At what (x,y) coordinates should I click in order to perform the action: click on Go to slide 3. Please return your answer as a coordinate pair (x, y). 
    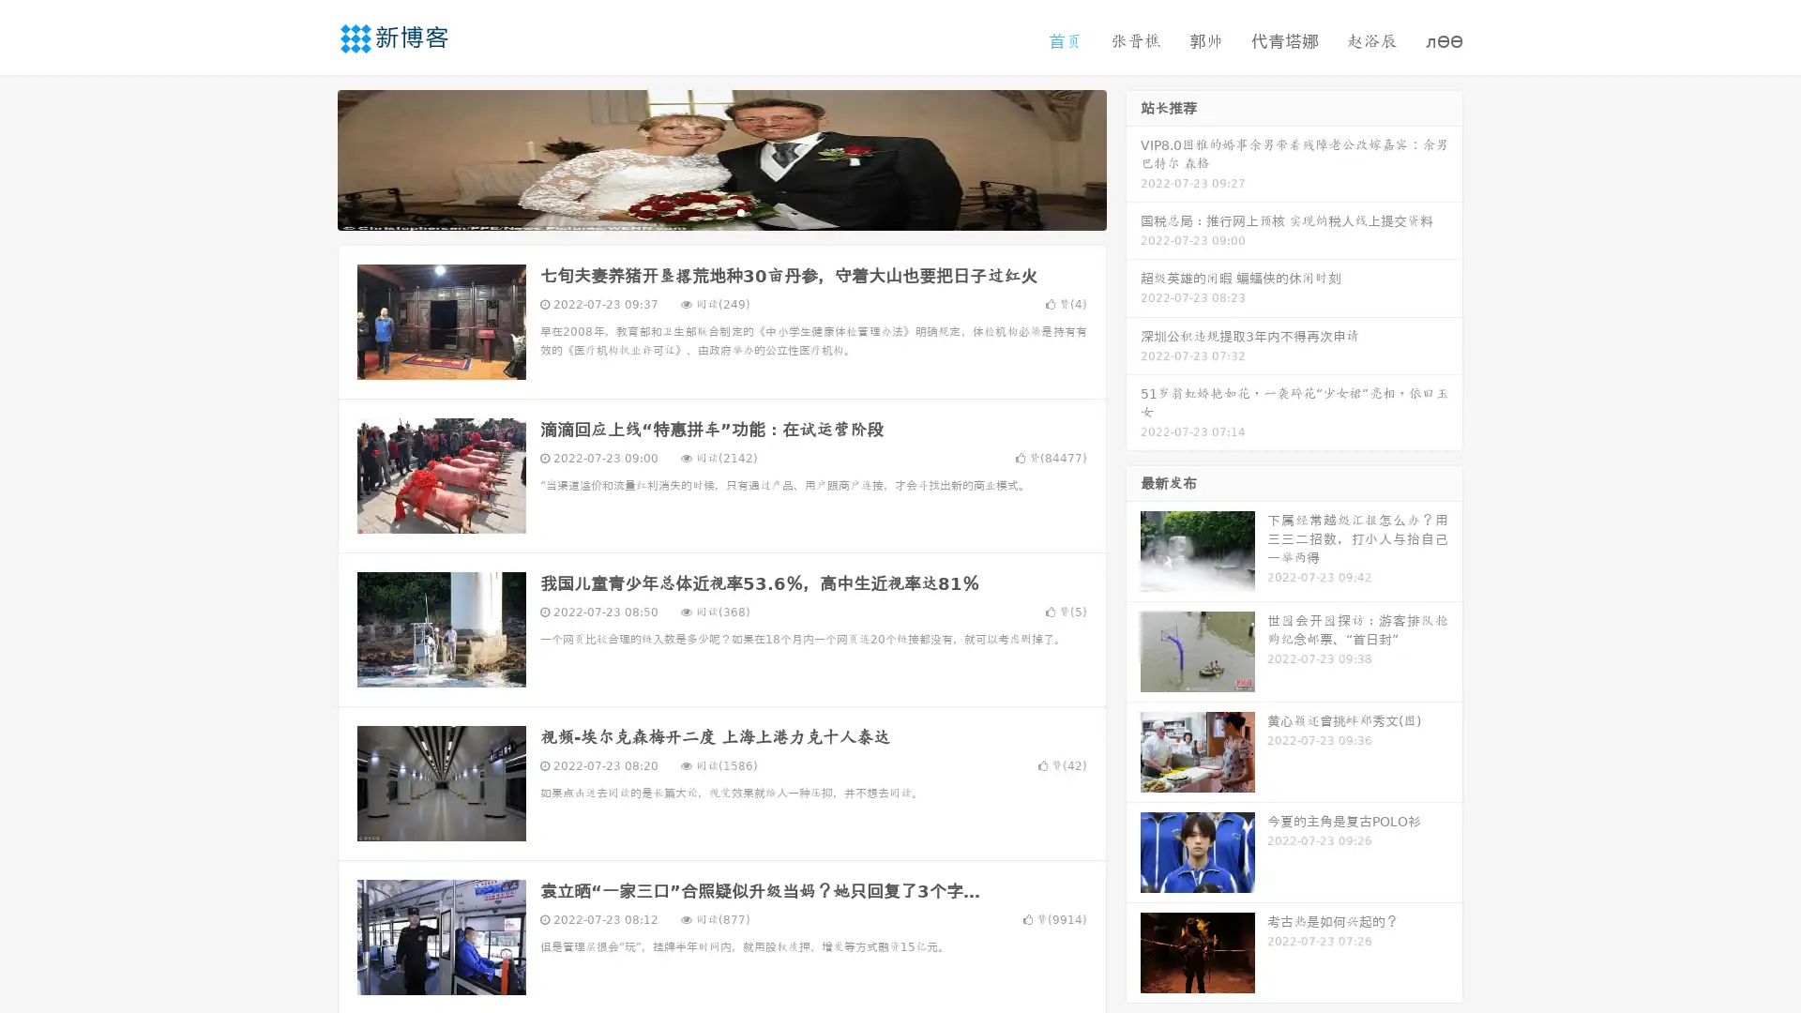
    Looking at the image, I should click on (740, 211).